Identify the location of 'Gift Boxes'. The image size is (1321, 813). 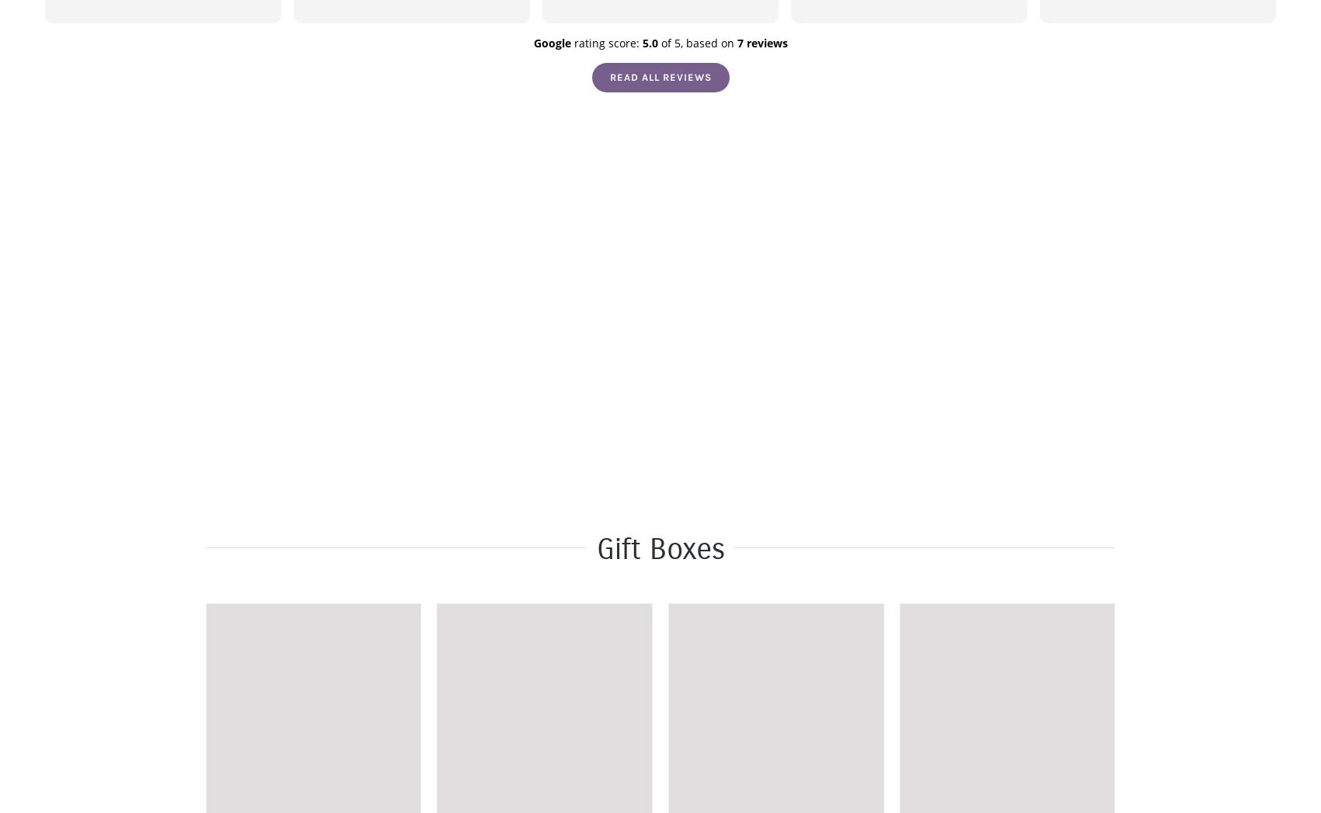
(659, 548).